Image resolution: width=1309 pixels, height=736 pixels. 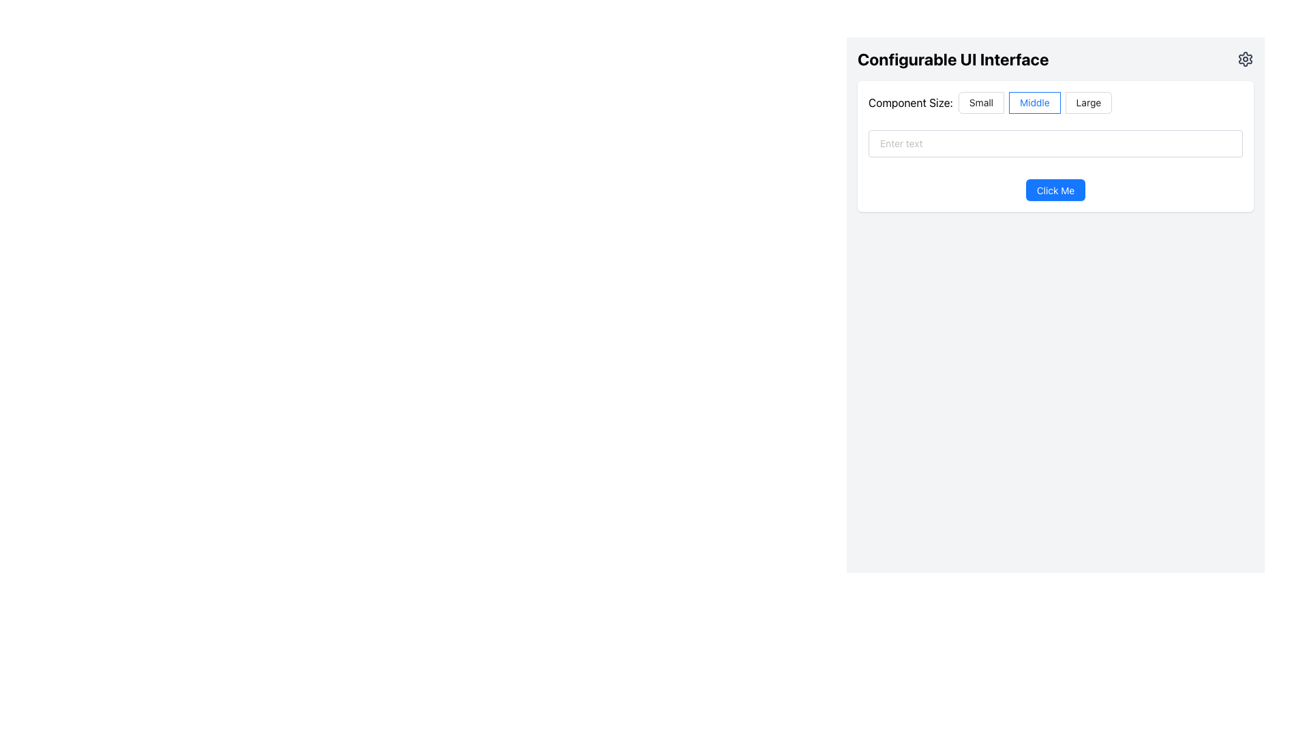 What do you see at coordinates (1088, 102) in the screenshot?
I see `the radio button labeled 'Large'` at bounding box center [1088, 102].